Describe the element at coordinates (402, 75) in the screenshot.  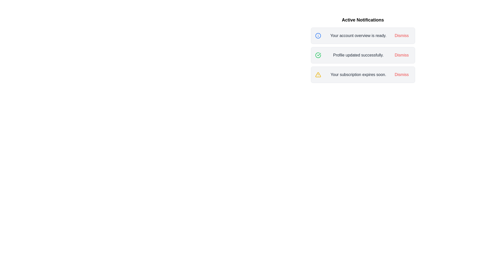
I see `'Dismiss' button for the notification 'Your subscription expires soon.'` at that location.